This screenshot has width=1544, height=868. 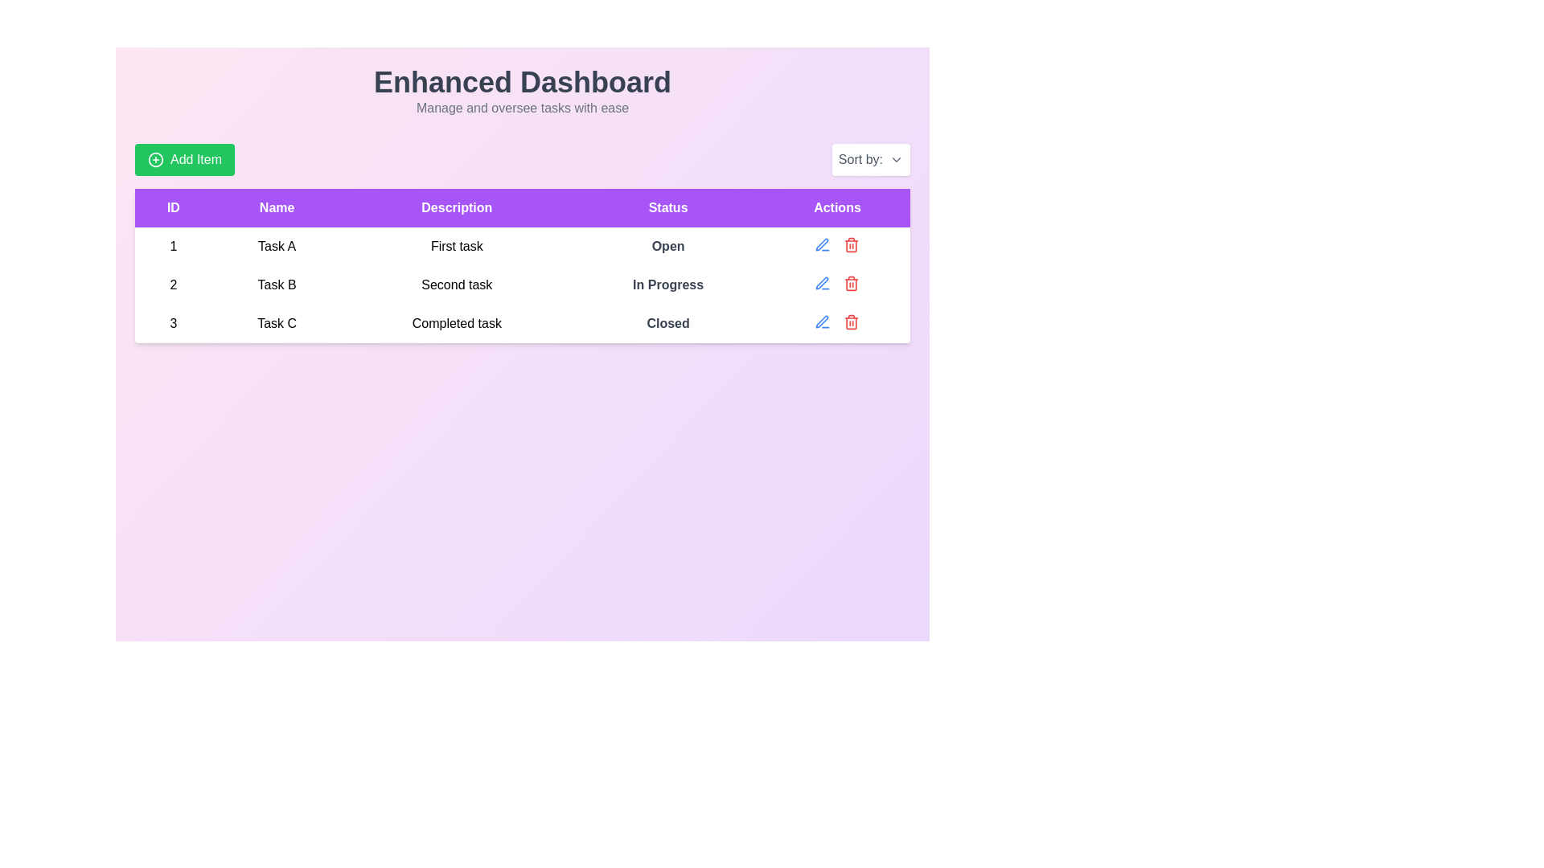 What do you see at coordinates (668, 323) in the screenshot?
I see `the status indicator text label in the 'Status' column of the third row for 'Task C', which indicates the task is currently closed` at bounding box center [668, 323].